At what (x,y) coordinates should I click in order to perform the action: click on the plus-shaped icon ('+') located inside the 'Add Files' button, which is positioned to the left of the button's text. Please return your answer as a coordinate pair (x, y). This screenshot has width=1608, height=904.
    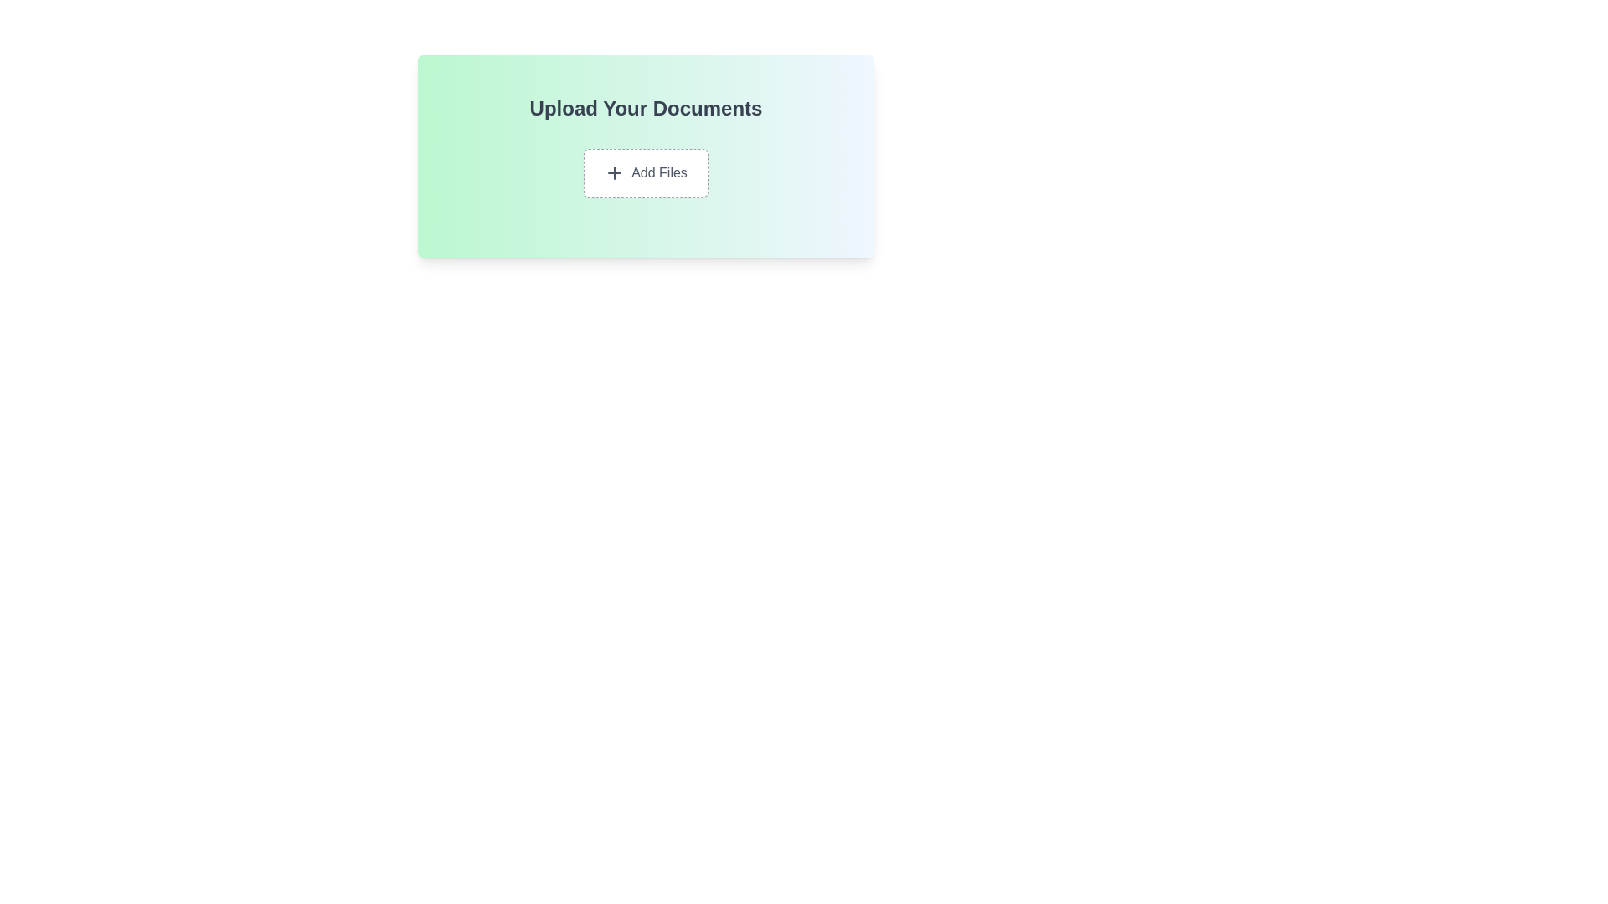
    Looking at the image, I should click on (614, 173).